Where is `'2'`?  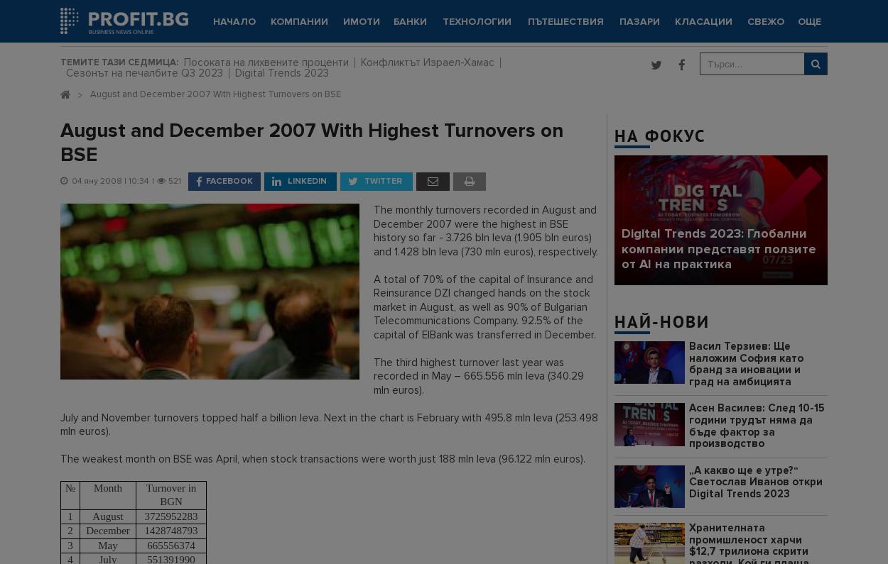
'2' is located at coordinates (69, 530).